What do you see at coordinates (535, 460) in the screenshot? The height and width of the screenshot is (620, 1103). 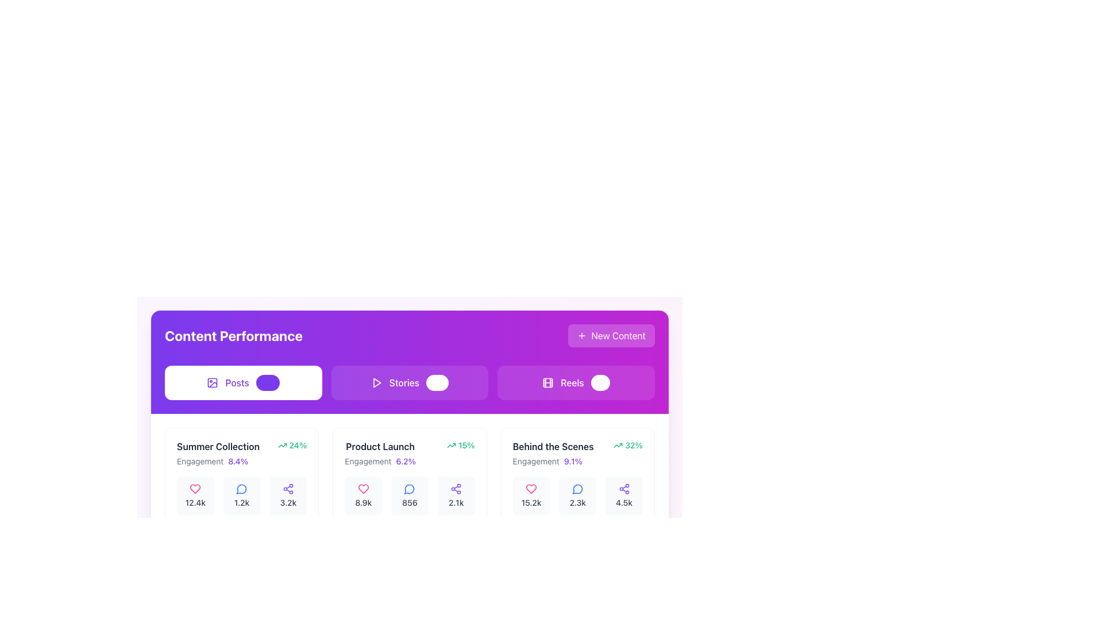 I see `Text label that provides context for the data value '9.1%' displayed next to it, which indicates engagement statistics, located in the card titled 'Behind the Scenes'` at bounding box center [535, 460].